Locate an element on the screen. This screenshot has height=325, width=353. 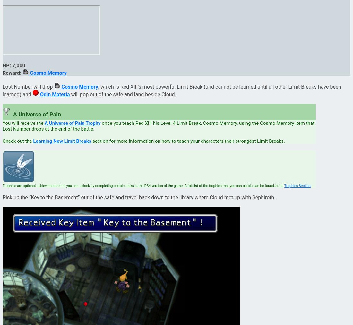
'You will receive the' is located at coordinates (23, 123).